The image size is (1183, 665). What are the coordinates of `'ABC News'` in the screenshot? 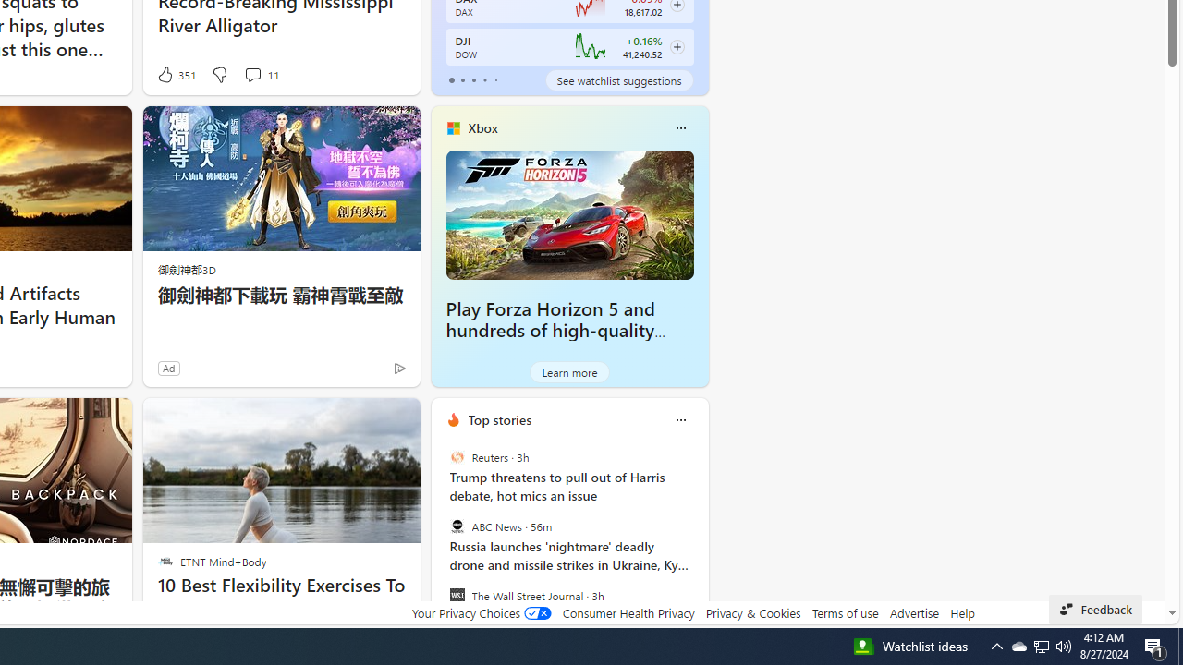 It's located at (457, 526).